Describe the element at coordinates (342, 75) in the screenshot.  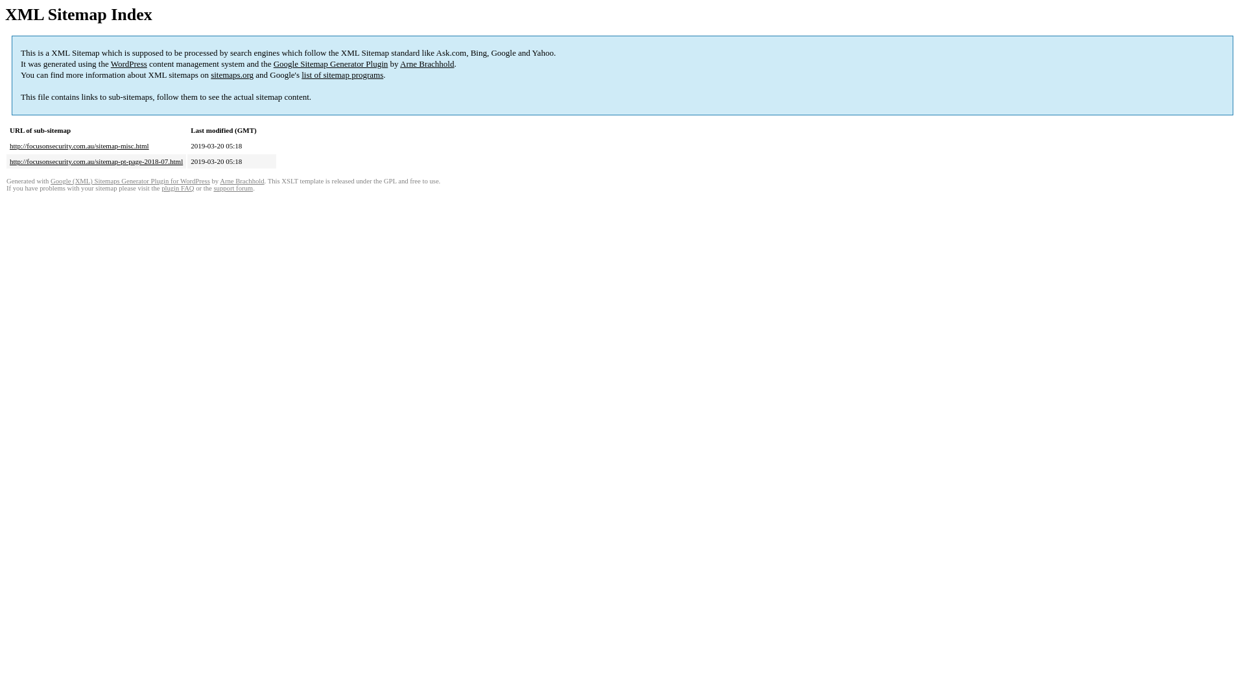
I see `'list of sitemap programs'` at that location.